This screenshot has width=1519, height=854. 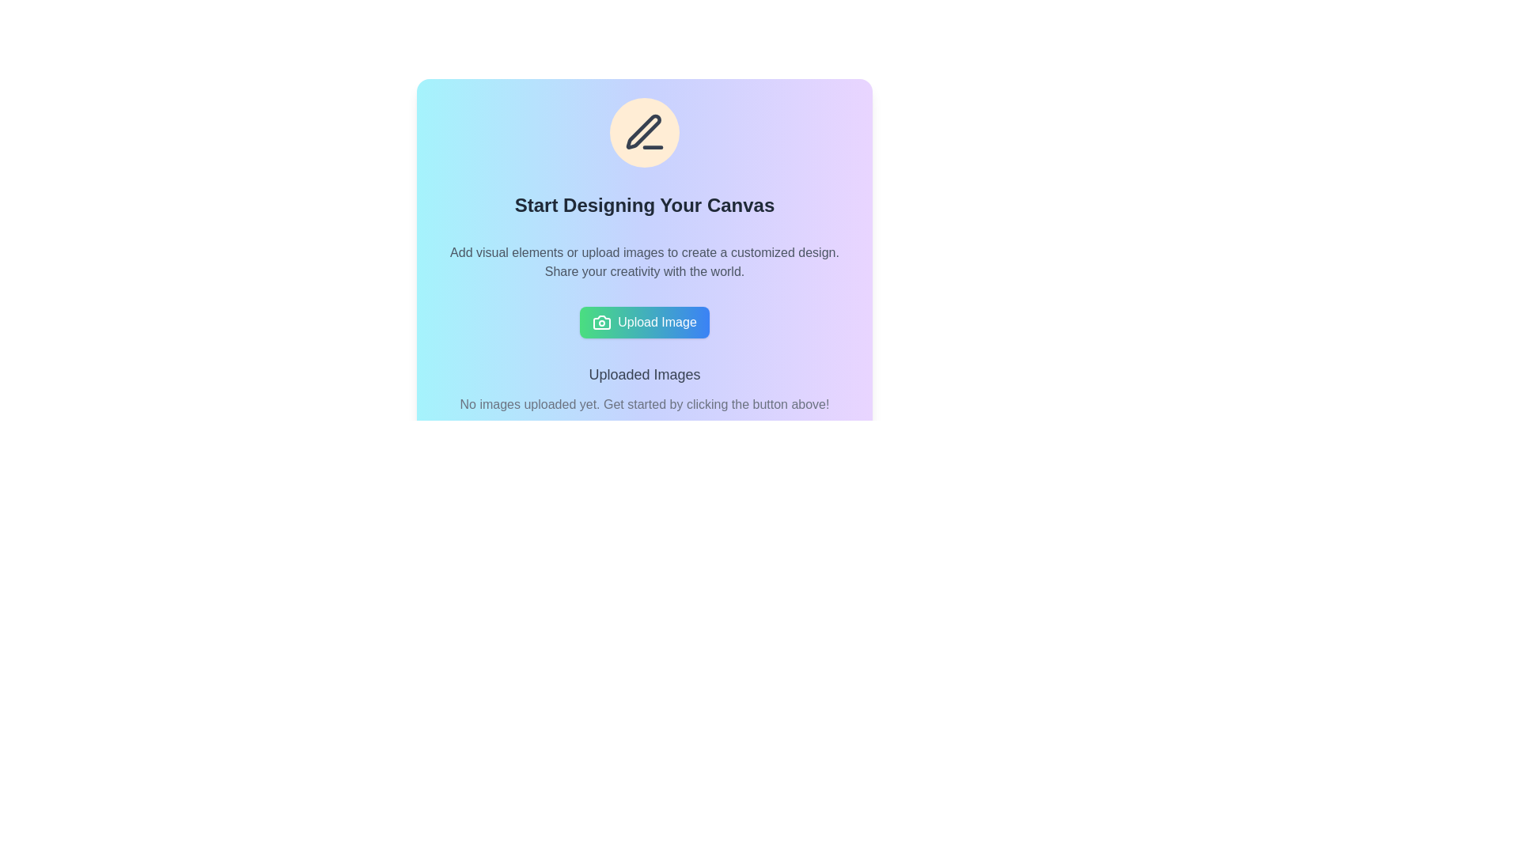 What do you see at coordinates (645, 261) in the screenshot?
I see `the instructional text located below the title 'Start Designing Your Canvas' and above the 'Upload Image' button within the centered card component` at bounding box center [645, 261].